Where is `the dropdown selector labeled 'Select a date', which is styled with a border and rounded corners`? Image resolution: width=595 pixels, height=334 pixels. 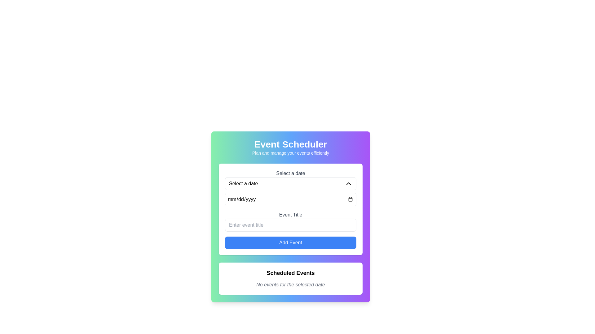 the dropdown selector labeled 'Select a date', which is styled with a border and rounded corners is located at coordinates (290, 183).